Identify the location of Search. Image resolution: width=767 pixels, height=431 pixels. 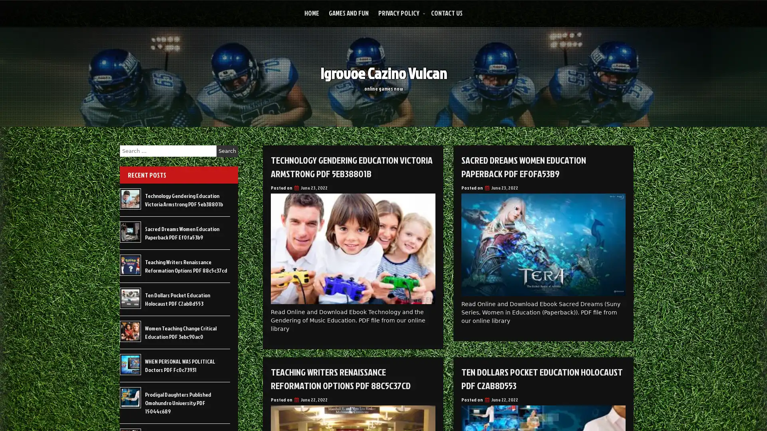
(227, 151).